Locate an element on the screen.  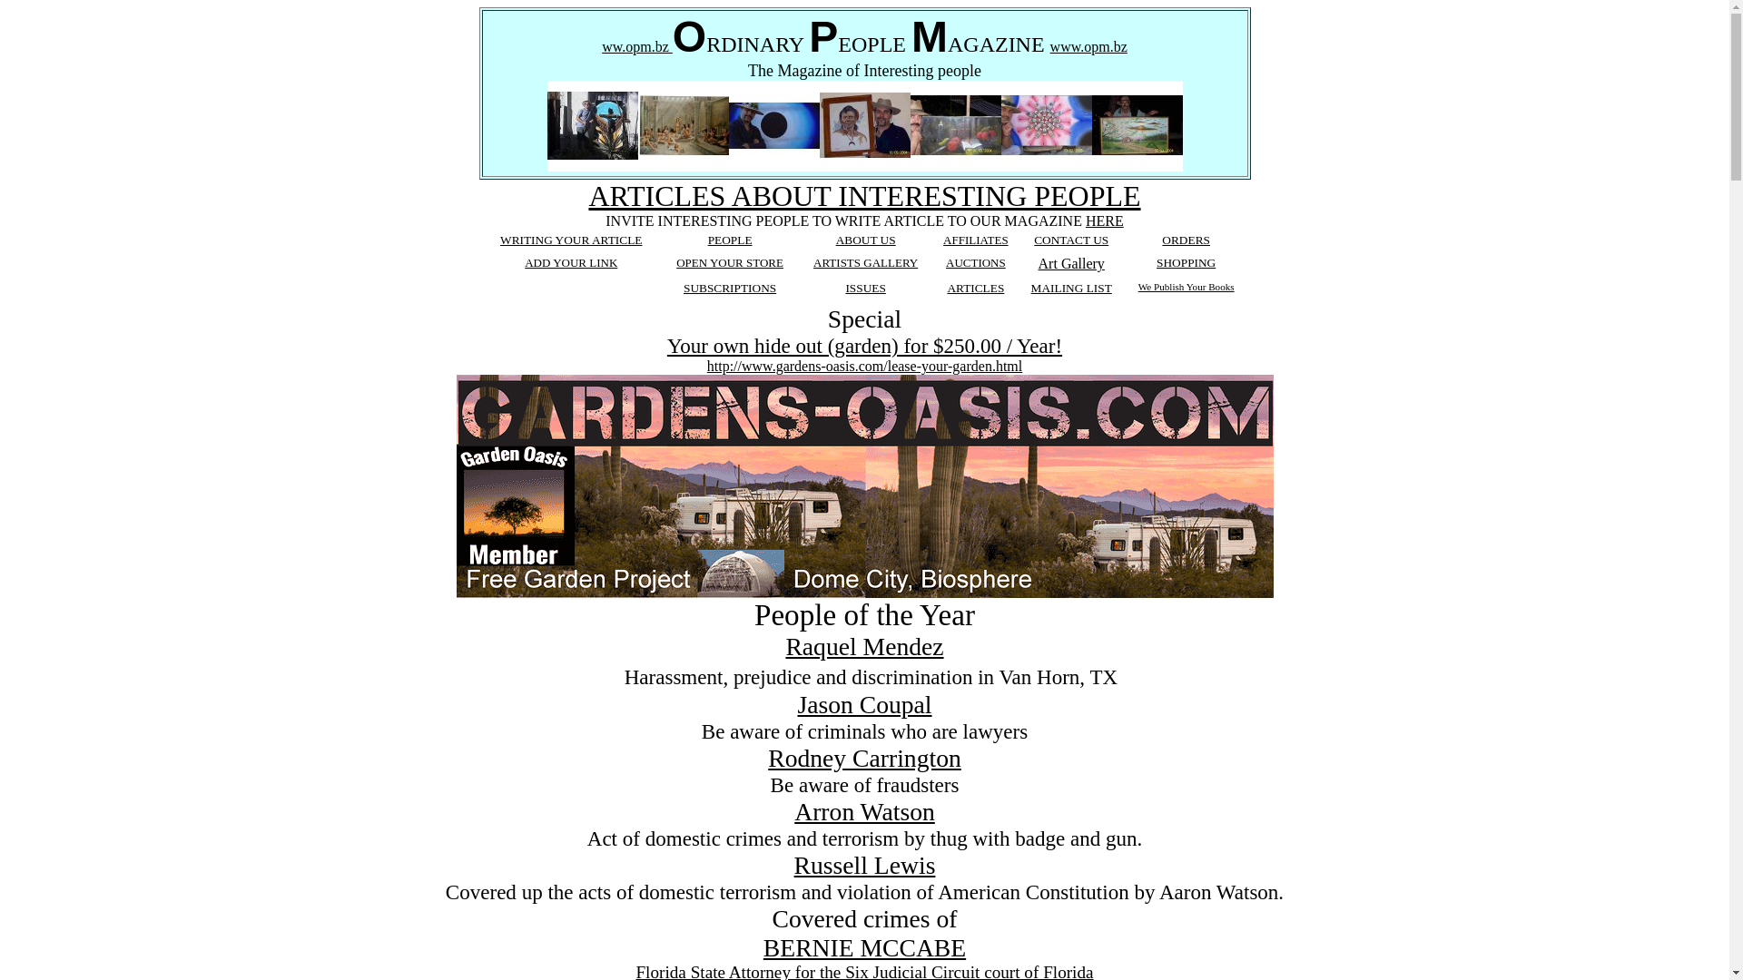
'Rodney Carrington' is located at coordinates (863, 758).